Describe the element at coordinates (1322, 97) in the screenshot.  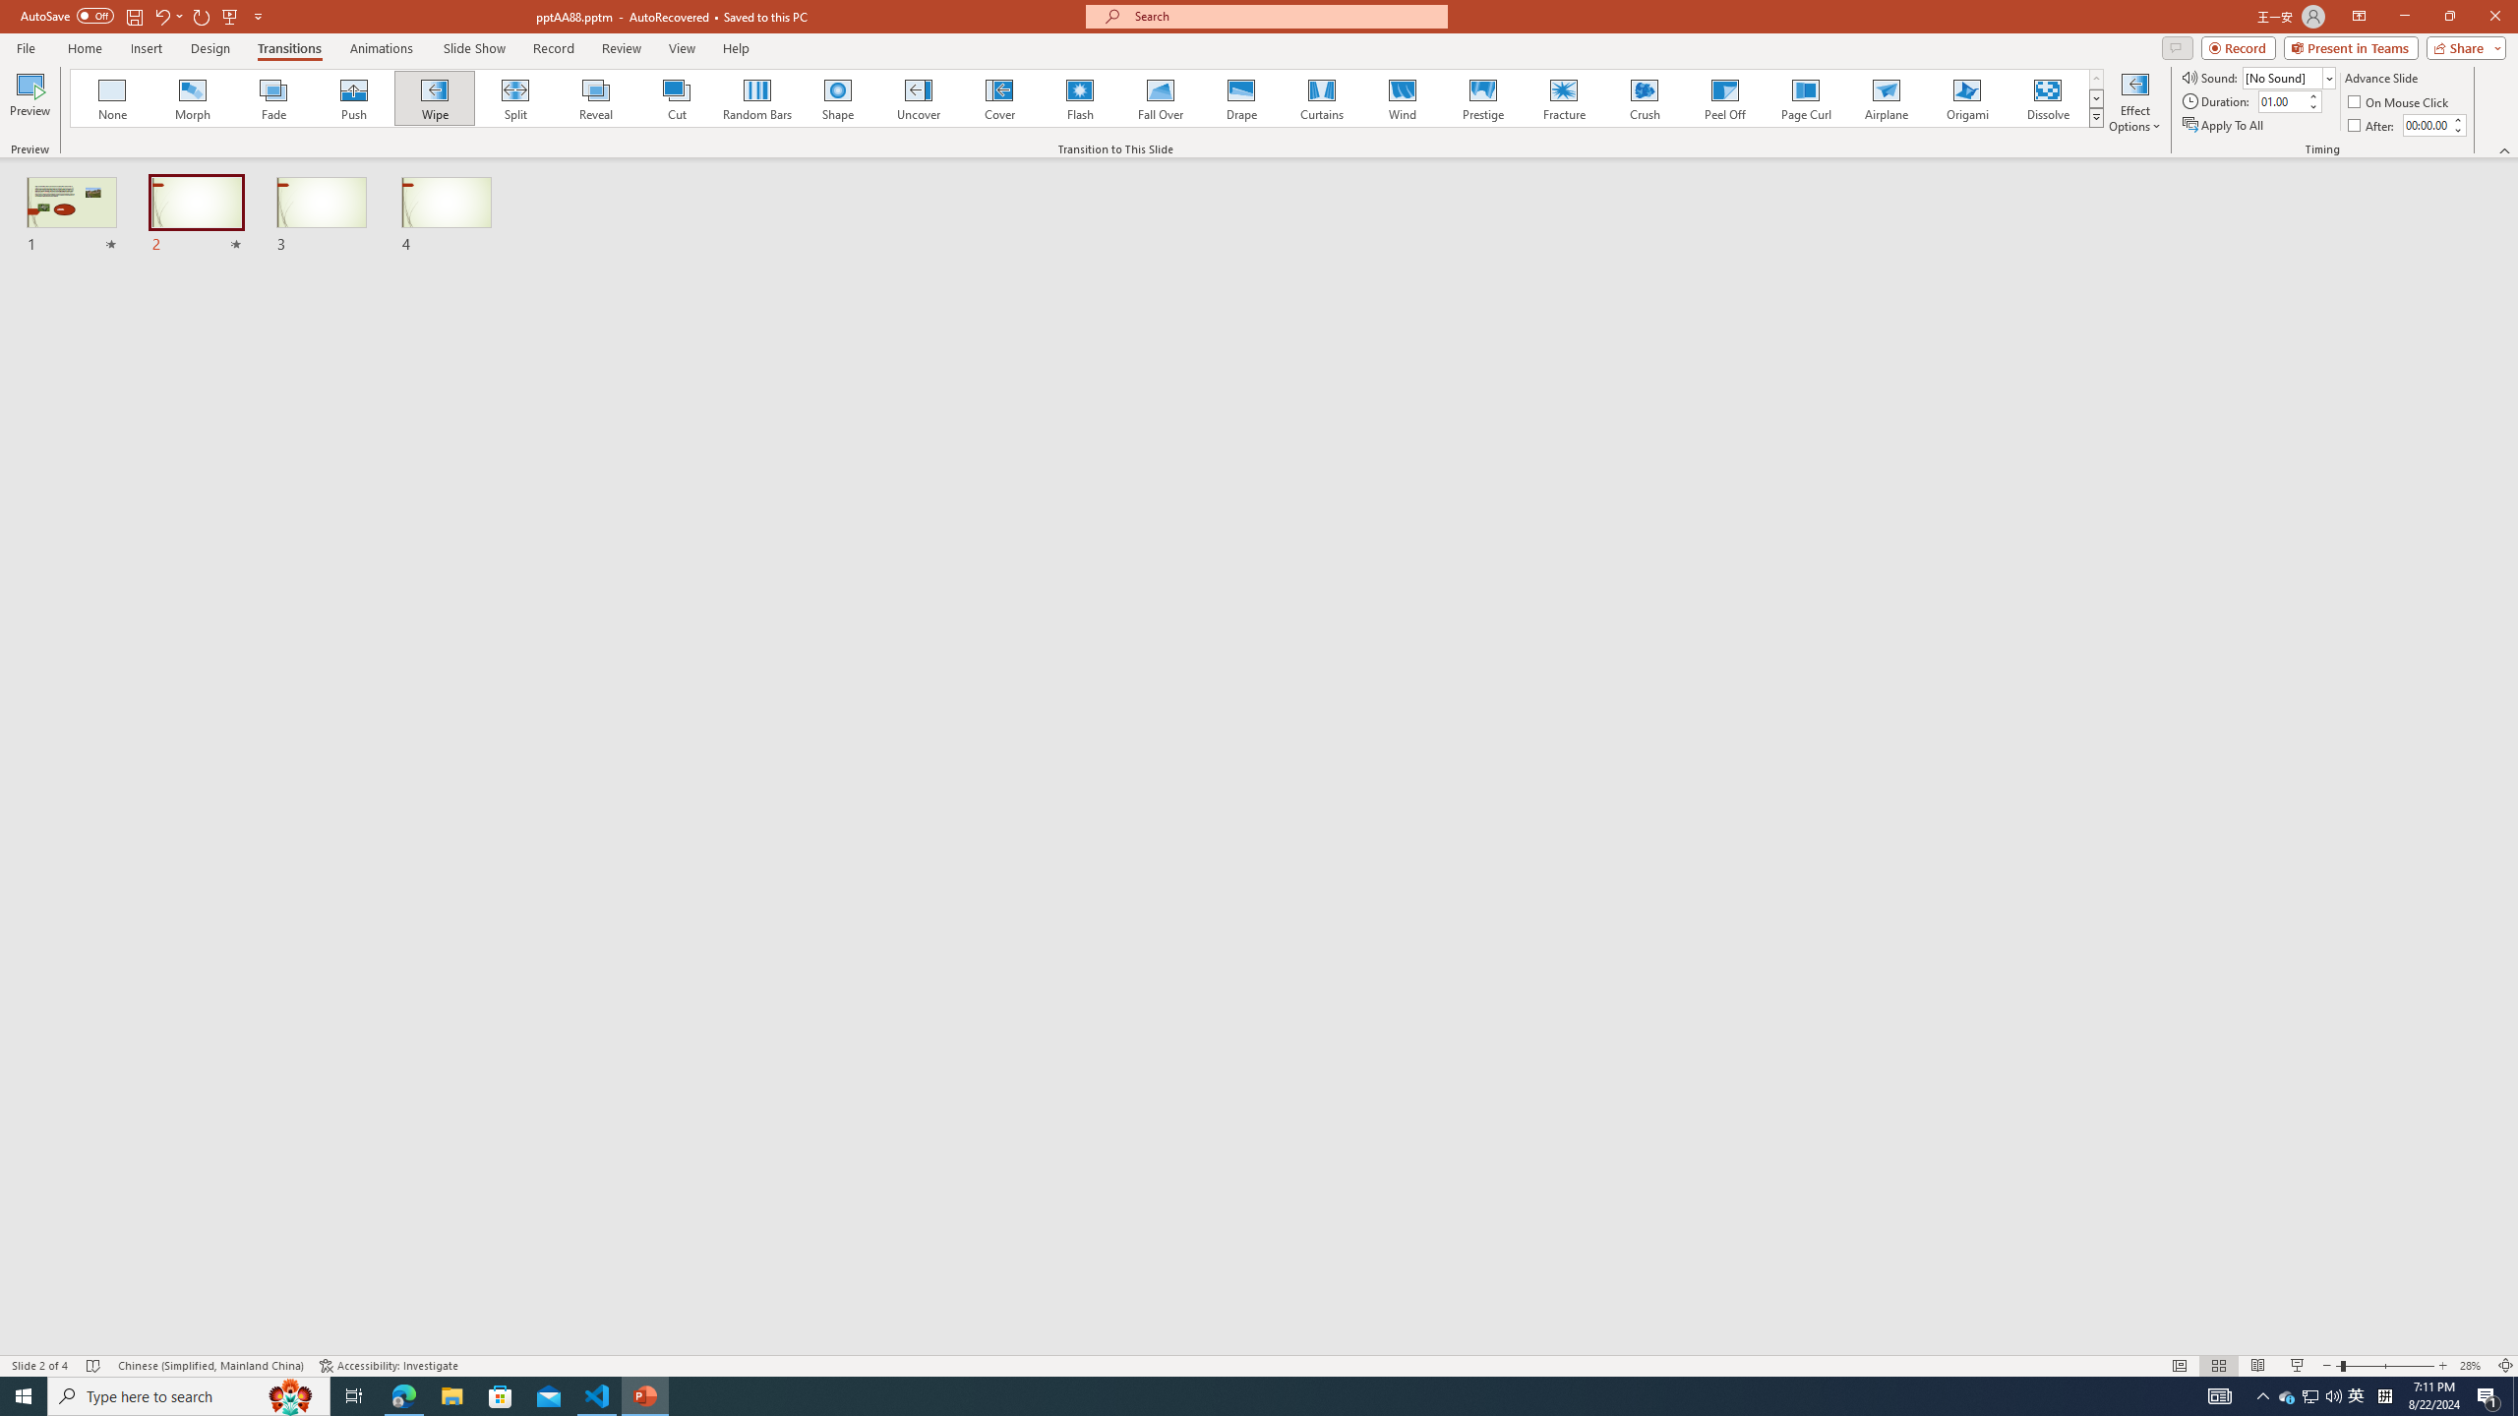
I see `'Curtains'` at that location.